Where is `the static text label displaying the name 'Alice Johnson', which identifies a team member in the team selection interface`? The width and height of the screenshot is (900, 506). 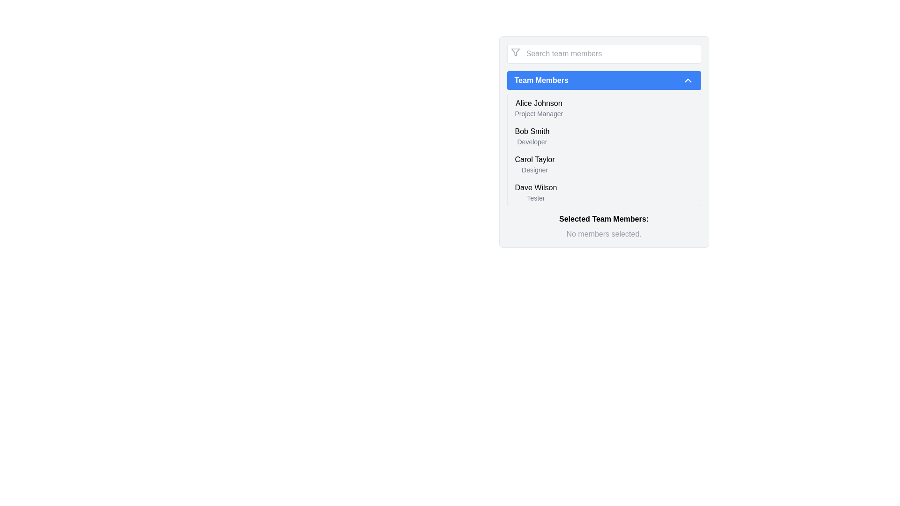
the static text label displaying the name 'Alice Johnson', which identifies a team member in the team selection interface is located at coordinates (539, 103).